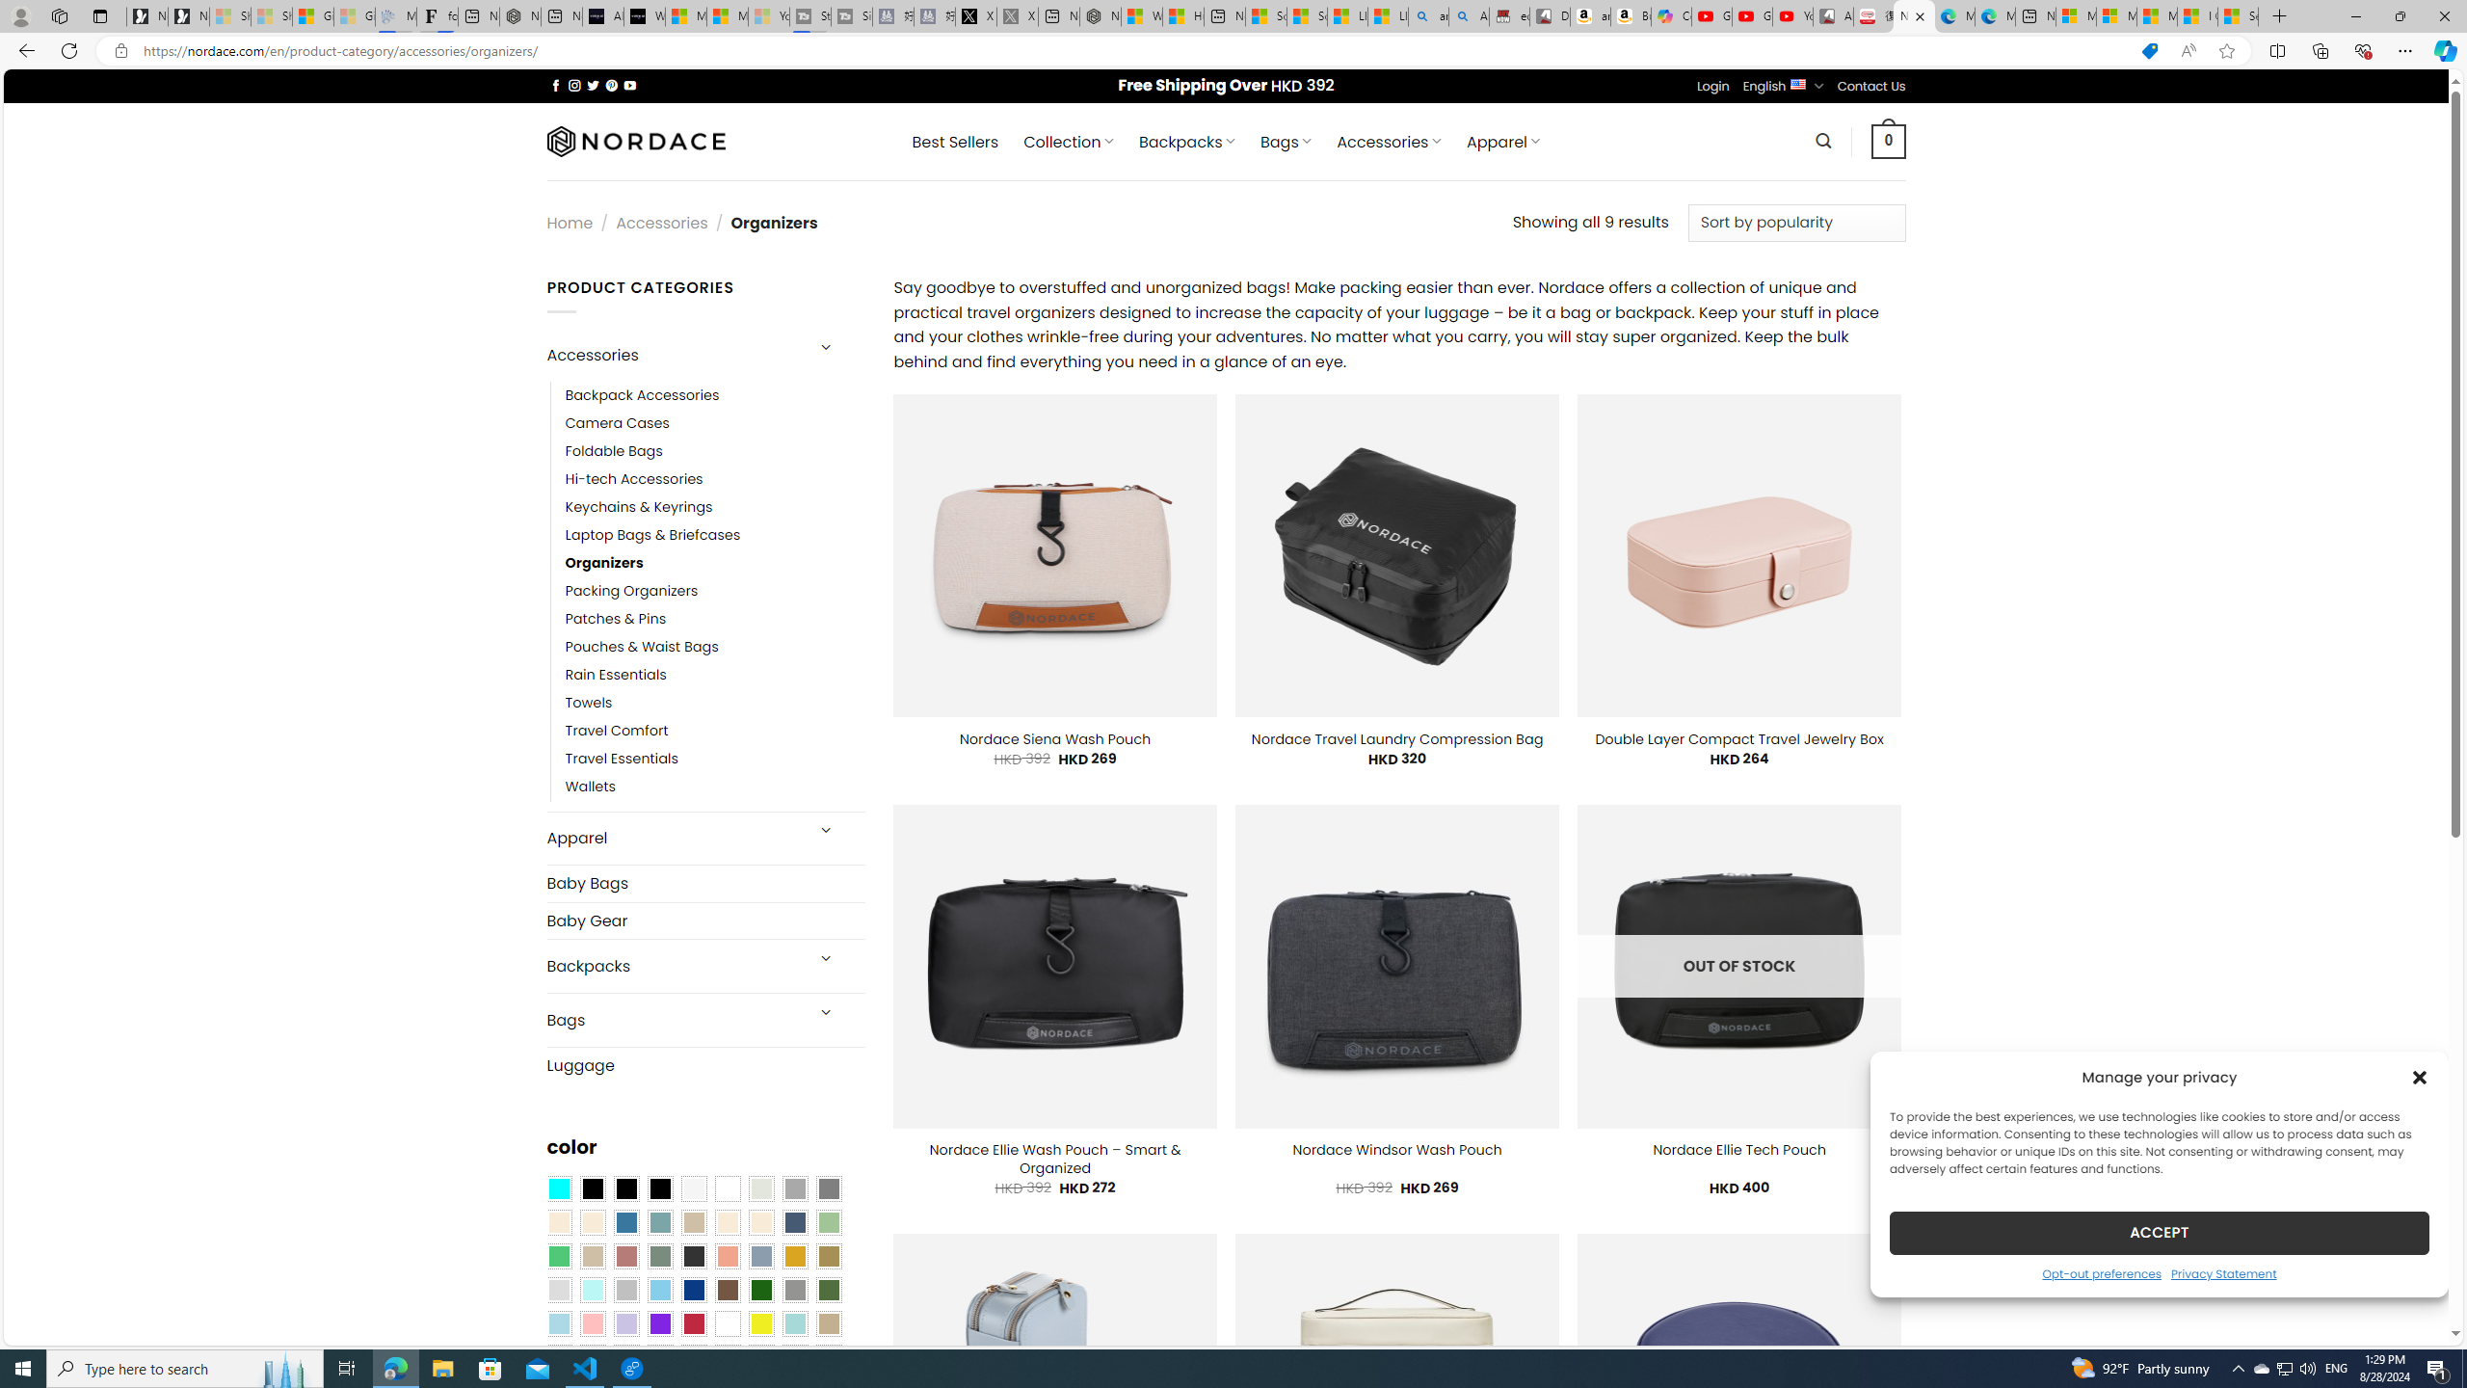 The width and height of the screenshot is (2467, 1388). I want to click on 'Coral', so click(727, 1256).